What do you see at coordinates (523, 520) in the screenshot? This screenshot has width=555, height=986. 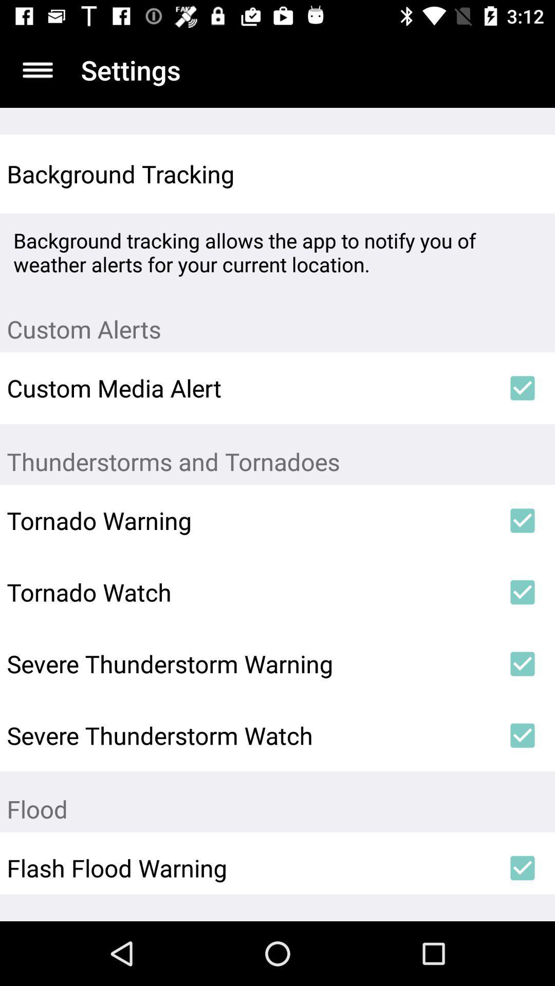 I see `the item next to tornado warning` at bounding box center [523, 520].